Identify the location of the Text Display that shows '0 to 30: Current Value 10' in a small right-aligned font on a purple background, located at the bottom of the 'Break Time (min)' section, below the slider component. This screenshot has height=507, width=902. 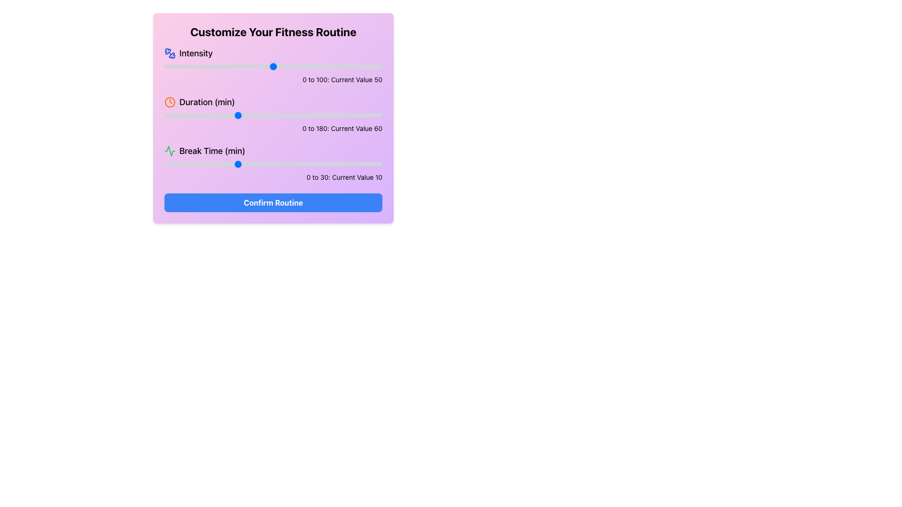
(272, 177).